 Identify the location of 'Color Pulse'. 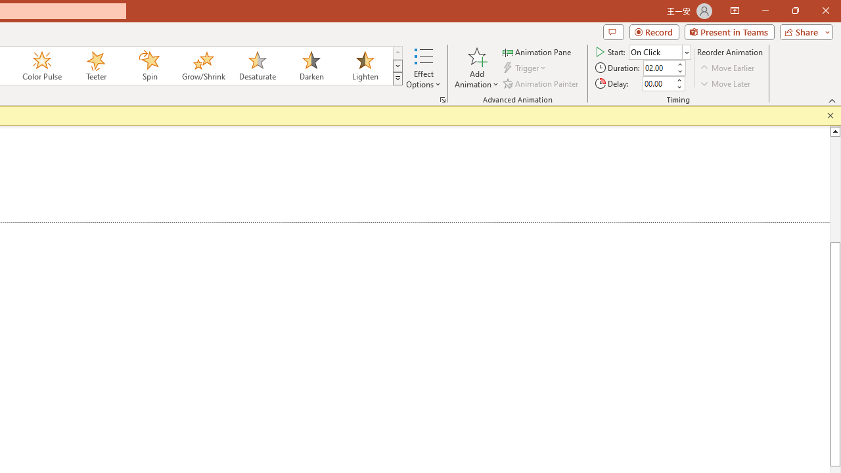
(42, 66).